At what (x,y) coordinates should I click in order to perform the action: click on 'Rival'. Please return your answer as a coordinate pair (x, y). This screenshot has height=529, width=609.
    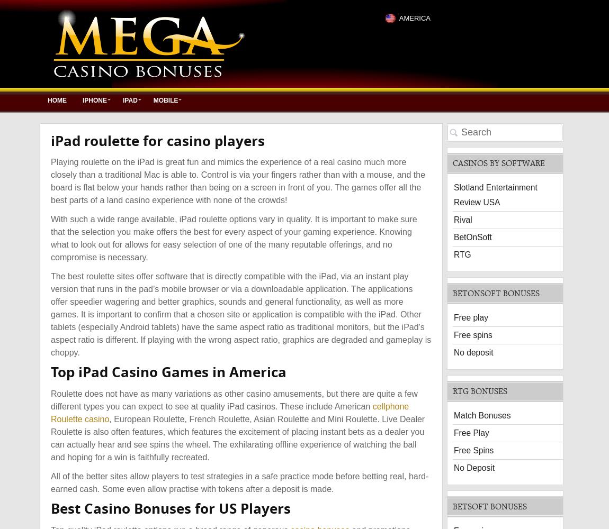
    Looking at the image, I should click on (463, 219).